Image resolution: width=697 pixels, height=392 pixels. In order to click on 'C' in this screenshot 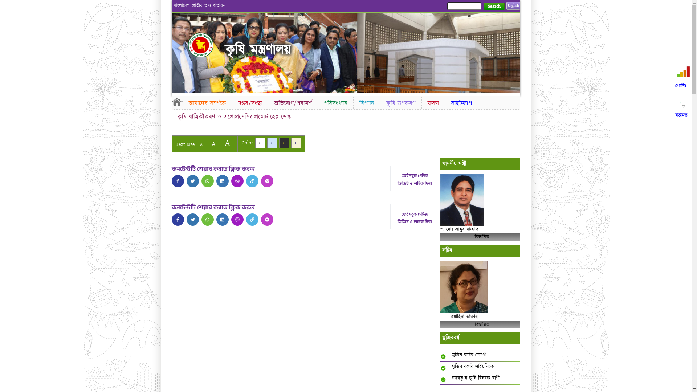, I will do `click(260, 143)`.